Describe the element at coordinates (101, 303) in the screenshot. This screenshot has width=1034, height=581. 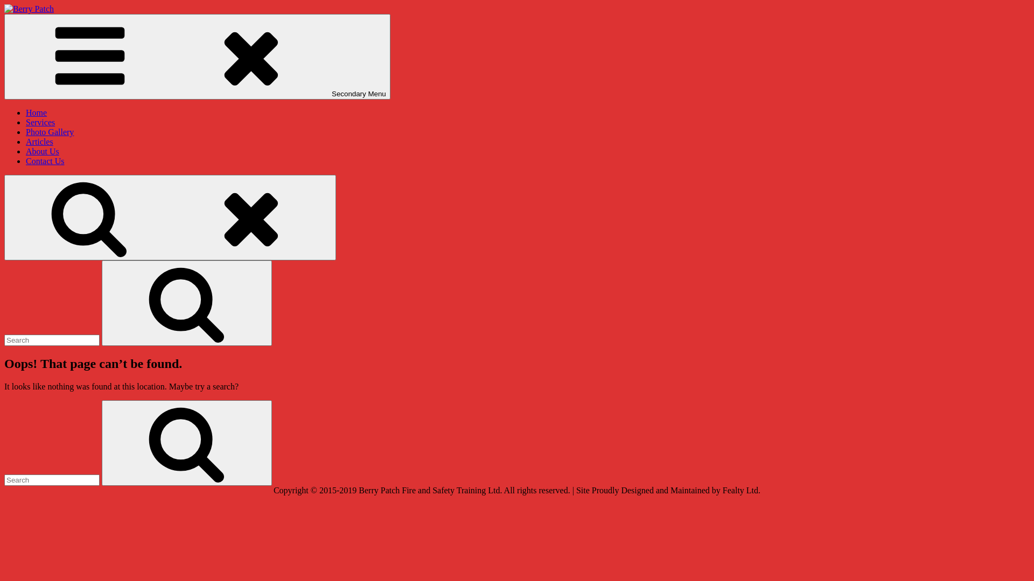
I see `'Search'` at that location.